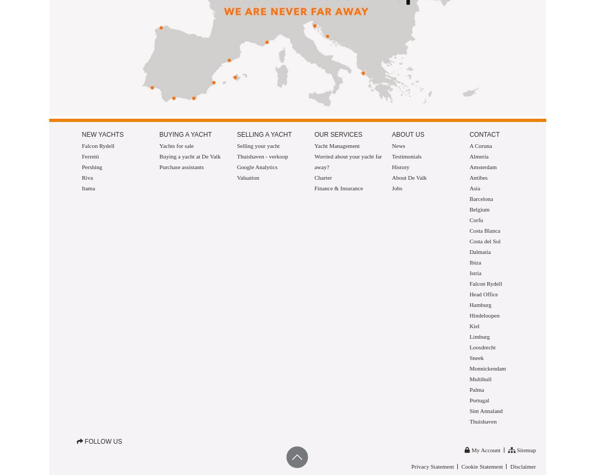 Image resolution: width=595 pixels, height=475 pixels. I want to click on 'Buying a yacht', so click(185, 135).